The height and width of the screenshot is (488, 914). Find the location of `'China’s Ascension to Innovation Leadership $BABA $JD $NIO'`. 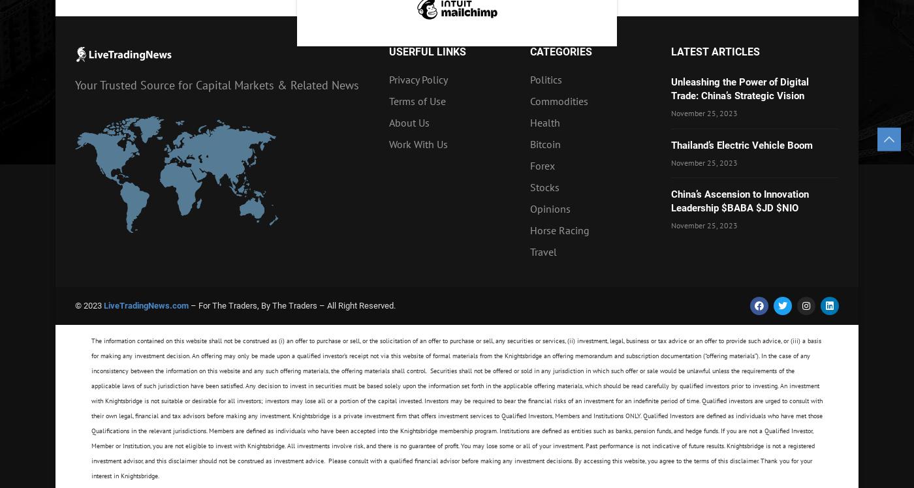

'China’s Ascension to Innovation Leadership $BABA $JD $NIO' is located at coordinates (671, 201).